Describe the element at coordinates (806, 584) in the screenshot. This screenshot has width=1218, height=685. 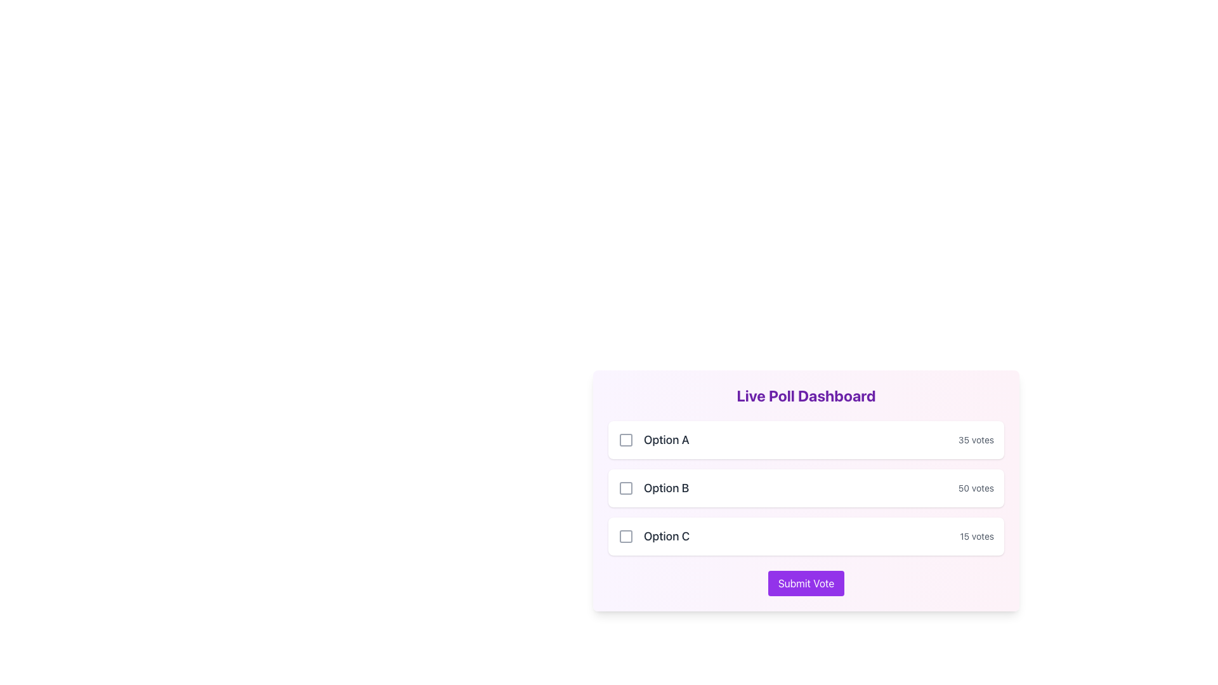
I see `the submit button located at the bottom center of the 'Live Poll Dashboard' panel to observe a style change` at that location.